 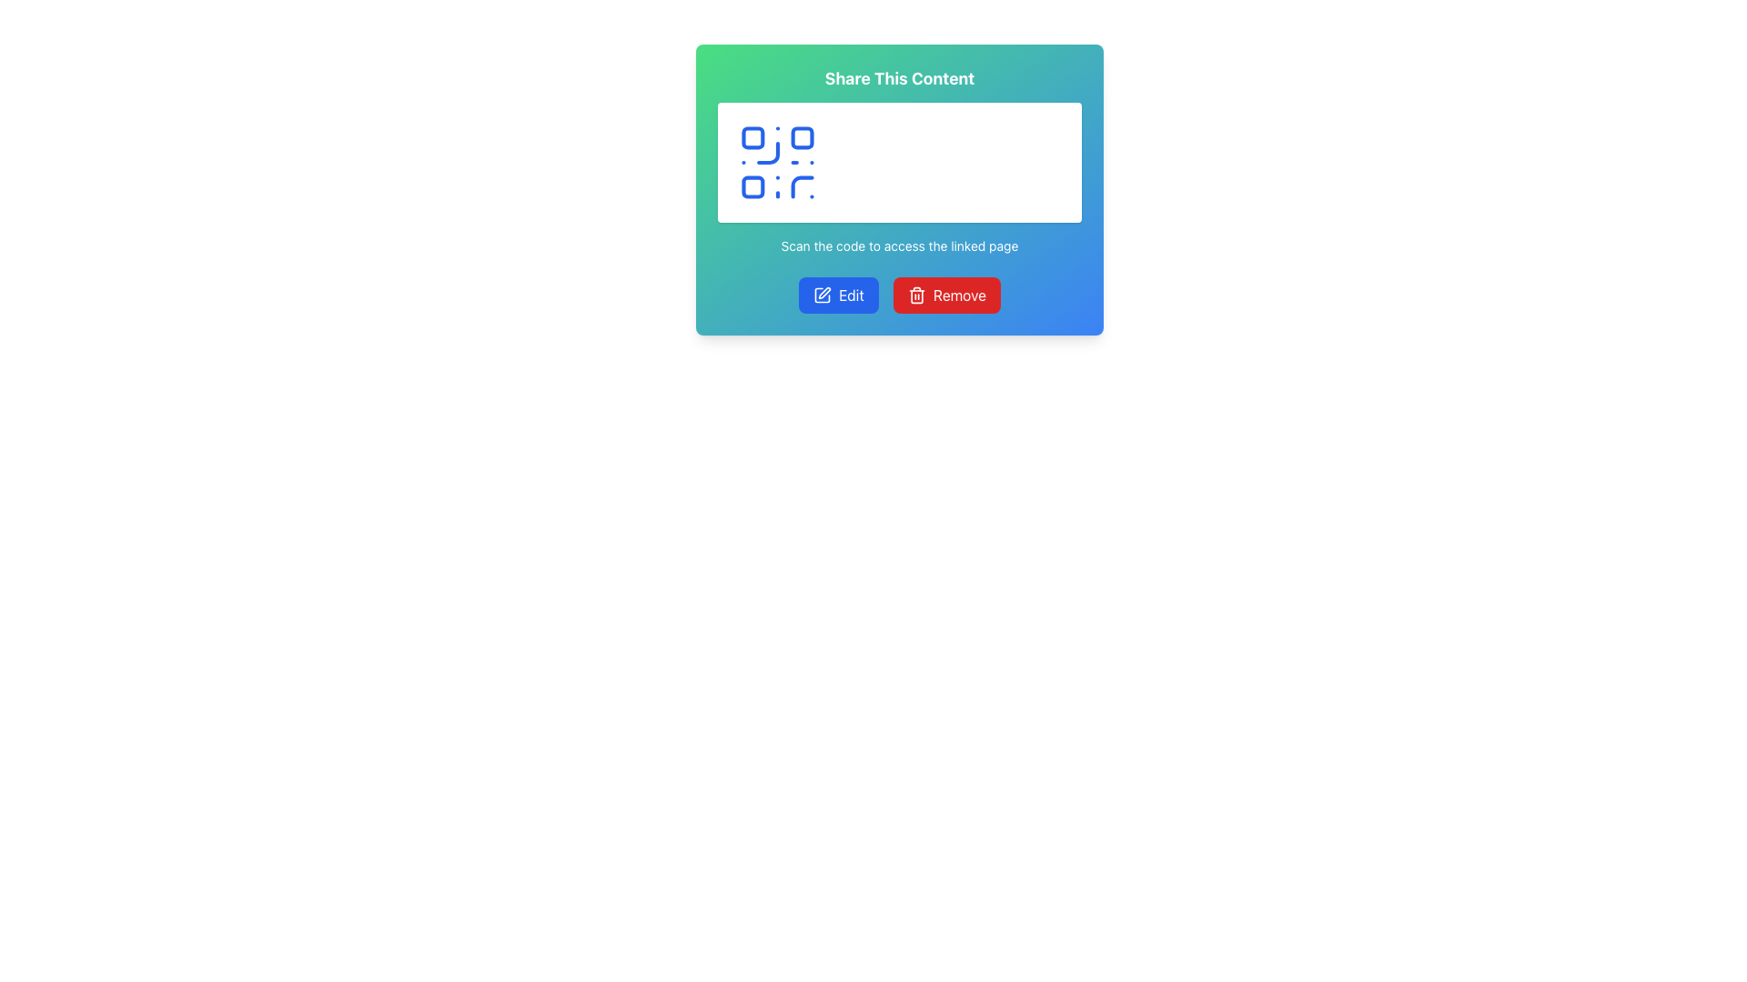 What do you see at coordinates (837, 294) in the screenshot?
I see `the edit button located on the left side of a pair of buttons, which allows the user to initiate an edit action, to change its background color` at bounding box center [837, 294].